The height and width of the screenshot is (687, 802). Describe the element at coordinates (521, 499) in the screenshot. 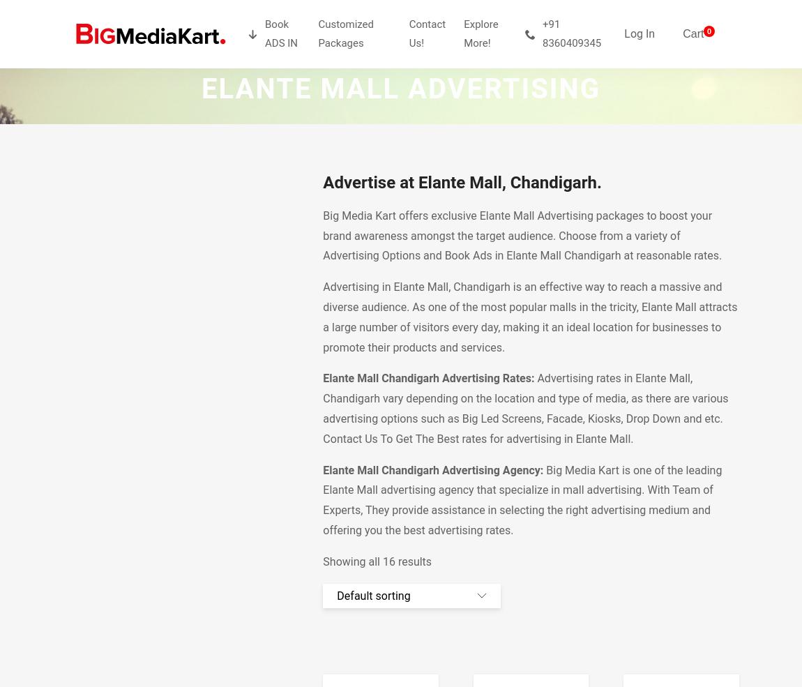

I see `'Big Media Kart is one of the leading Elante Mall advertising agency that specialize in mall advertising. With Team of Experts, They provide assistance in selecting the right advertising medium and offering you the best advertising rates.'` at that location.